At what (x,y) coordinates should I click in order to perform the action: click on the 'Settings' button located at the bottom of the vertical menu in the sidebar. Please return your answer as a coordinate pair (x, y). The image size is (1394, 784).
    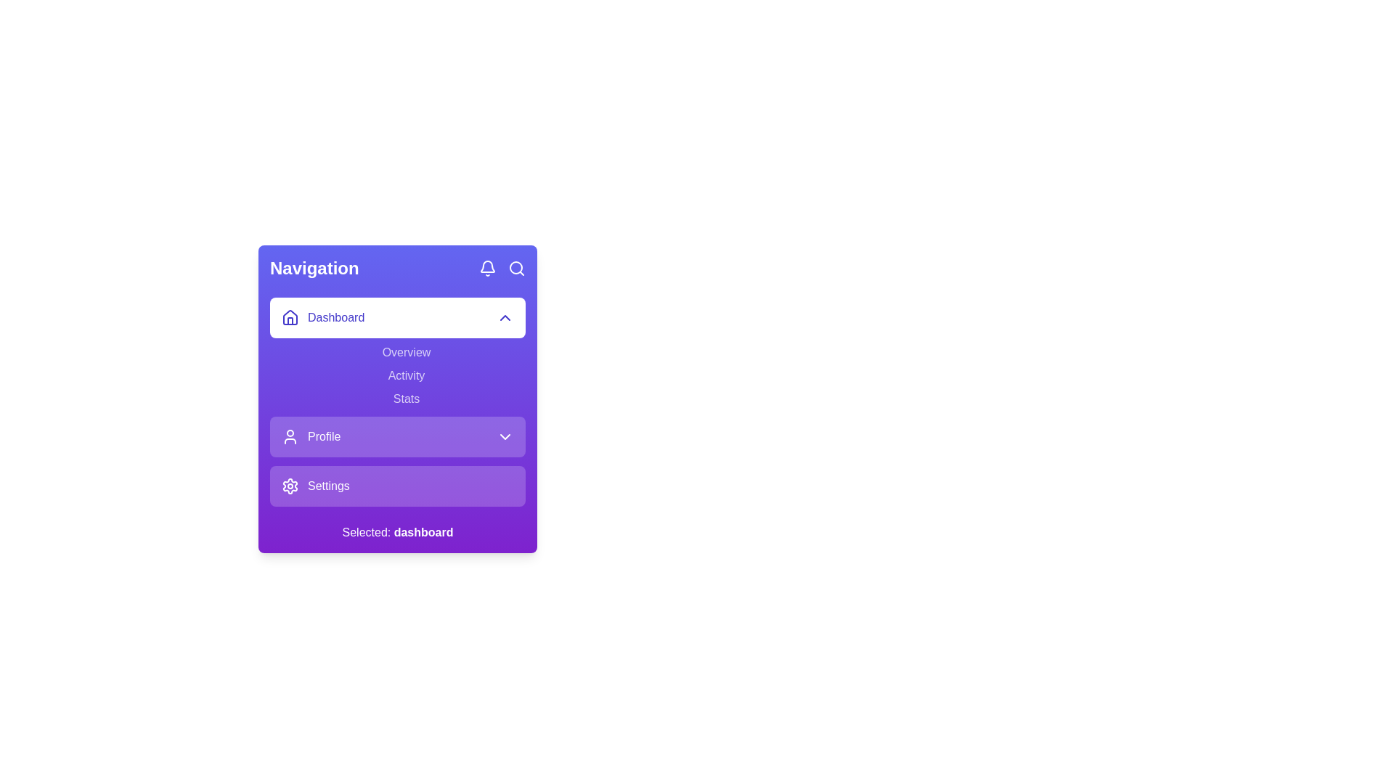
    Looking at the image, I should click on (397, 486).